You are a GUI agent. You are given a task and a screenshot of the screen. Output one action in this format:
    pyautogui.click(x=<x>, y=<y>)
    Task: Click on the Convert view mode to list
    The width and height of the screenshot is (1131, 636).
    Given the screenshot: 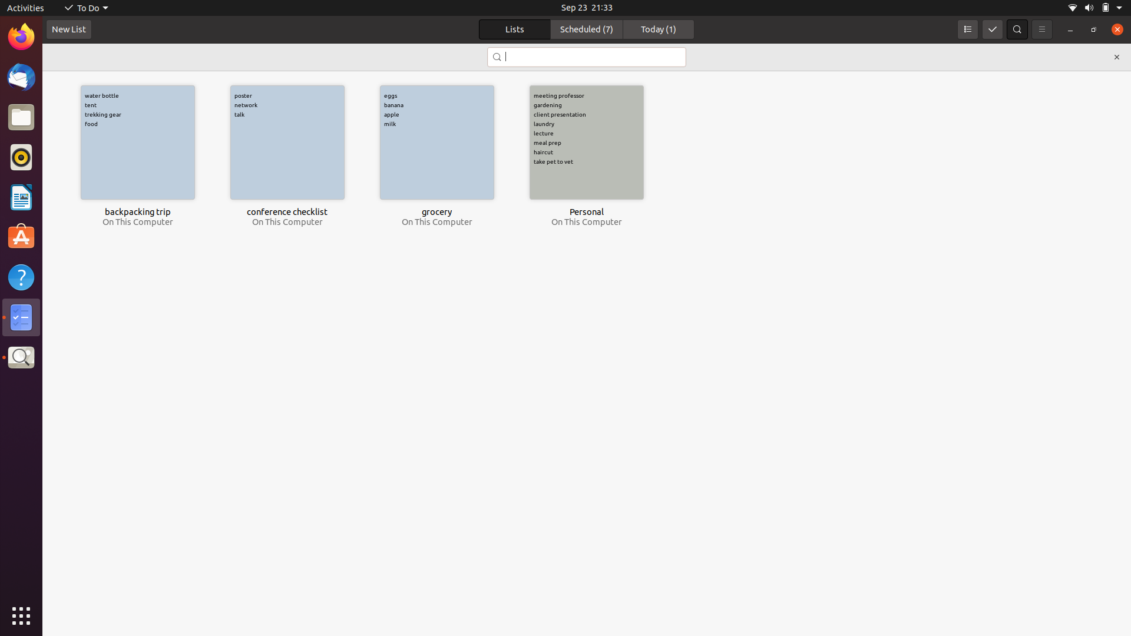 What is the action you would take?
    pyautogui.click(x=967, y=29)
    